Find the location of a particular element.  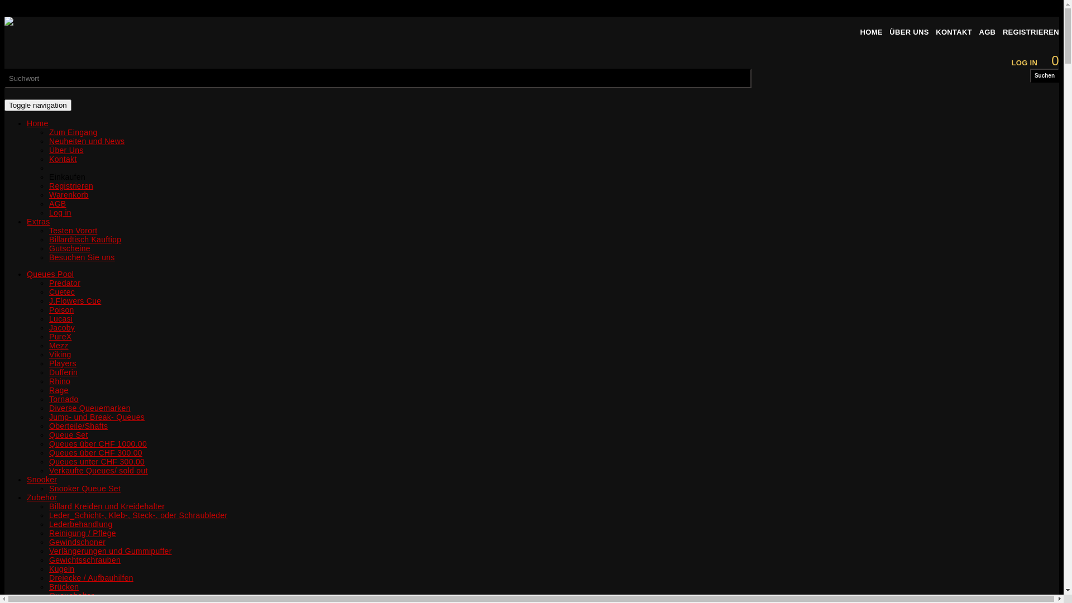

'Queuehalter' is located at coordinates (71, 595).